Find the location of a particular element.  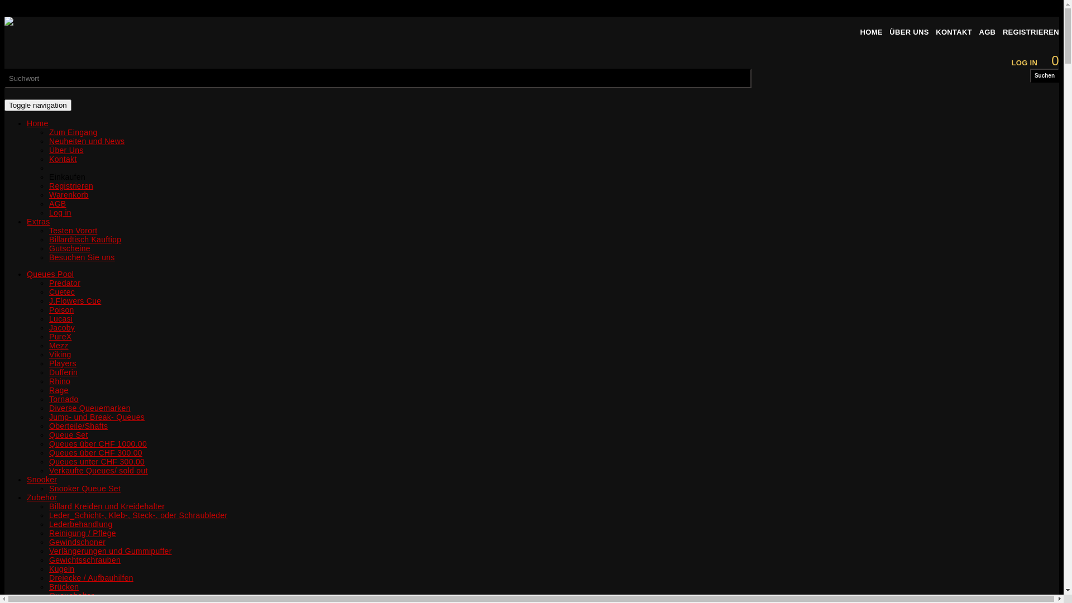

'Queuehalter' is located at coordinates (71, 595).